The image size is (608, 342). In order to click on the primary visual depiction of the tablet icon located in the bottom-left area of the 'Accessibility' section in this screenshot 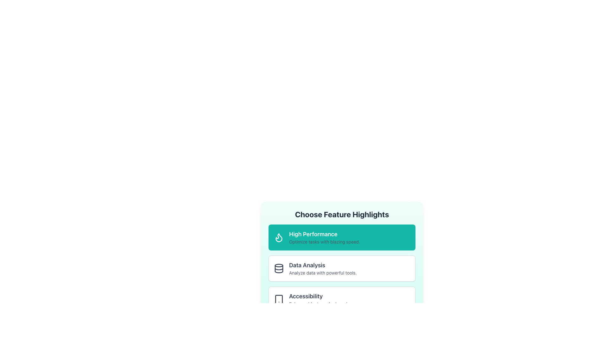, I will do `click(279, 299)`.